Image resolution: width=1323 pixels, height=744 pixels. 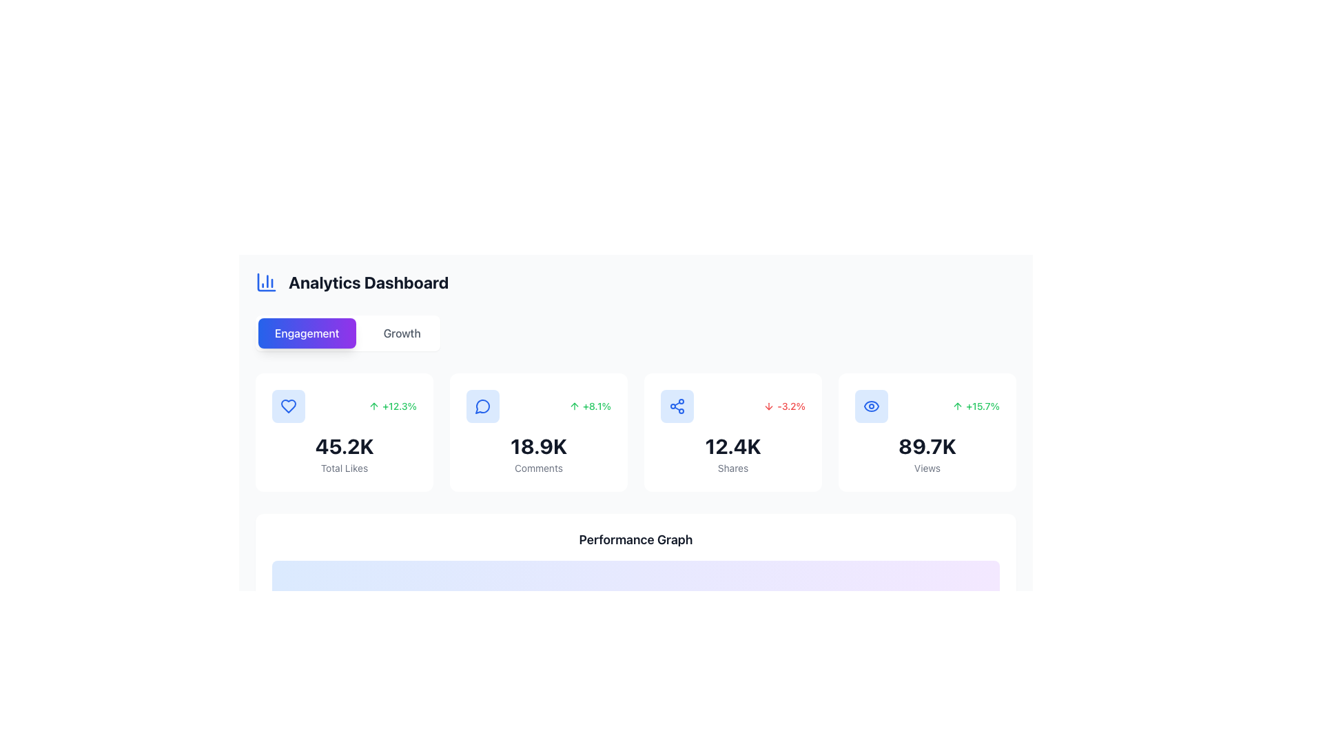 What do you see at coordinates (732, 432) in the screenshot?
I see `the information displayed on the informational card, which includes a blue share icon, a red percentage value of '-3.2%', a bold numeric value of '12.4K', and smaller gray text stating 'Shares'. This card is the third in a grid layout` at bounding box center [732, 432].